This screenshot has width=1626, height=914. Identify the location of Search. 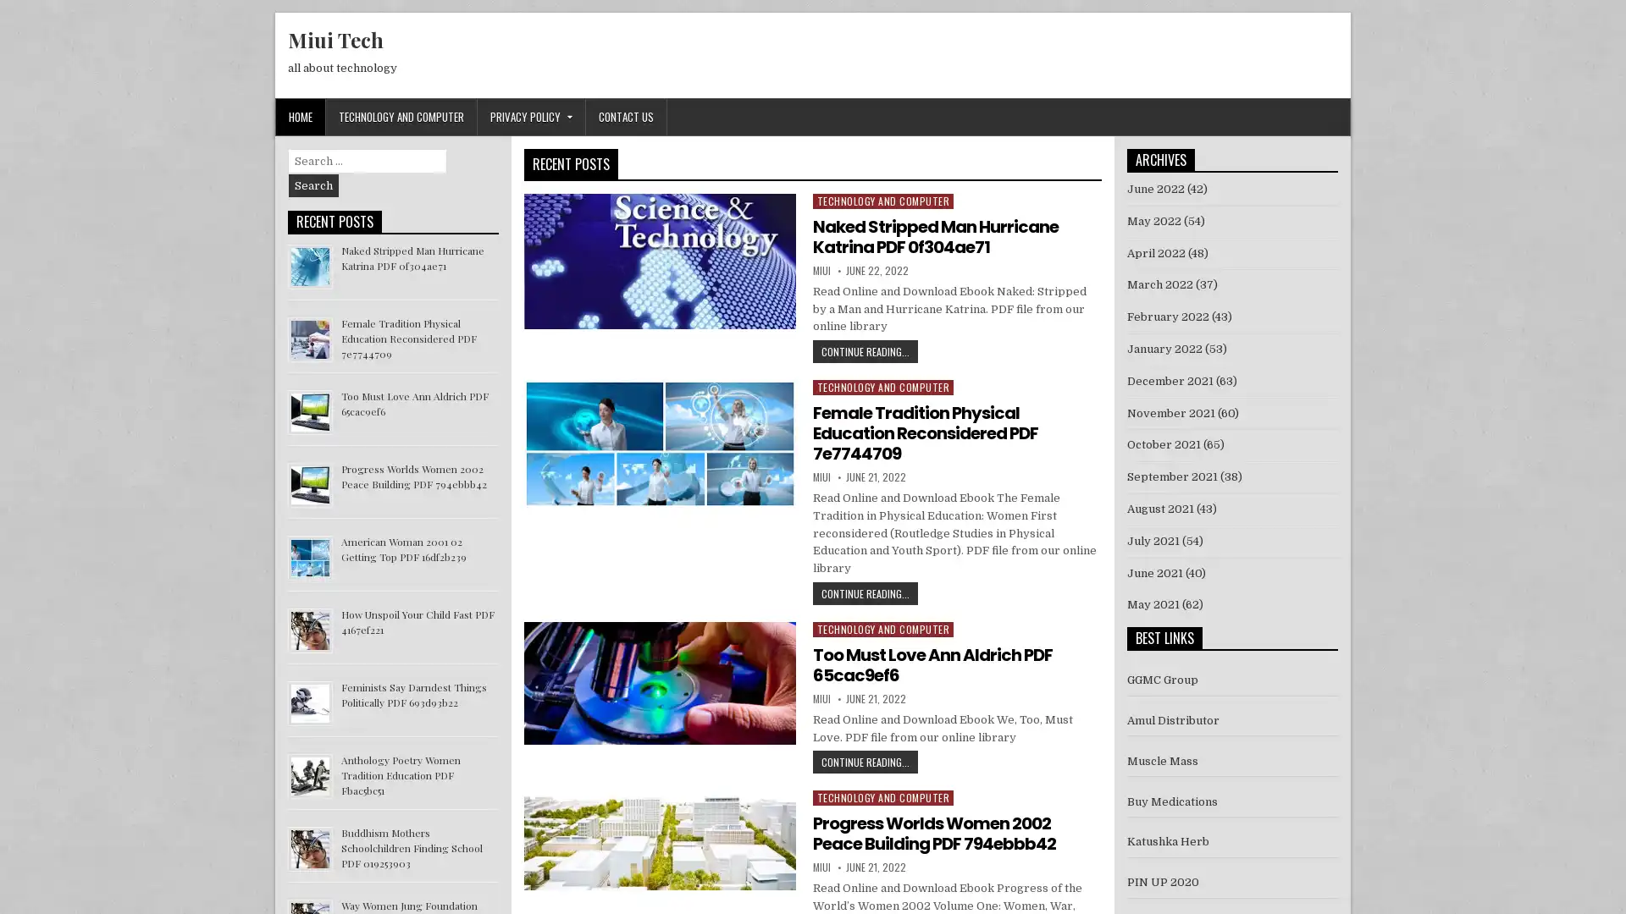
(313, 185).